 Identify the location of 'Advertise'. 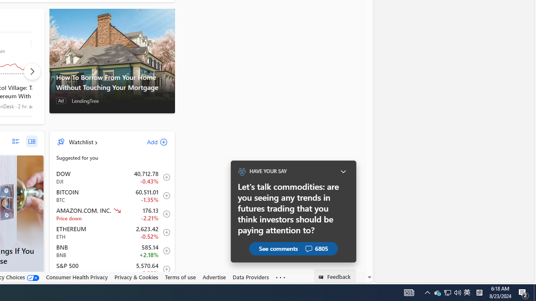
(214, 277).